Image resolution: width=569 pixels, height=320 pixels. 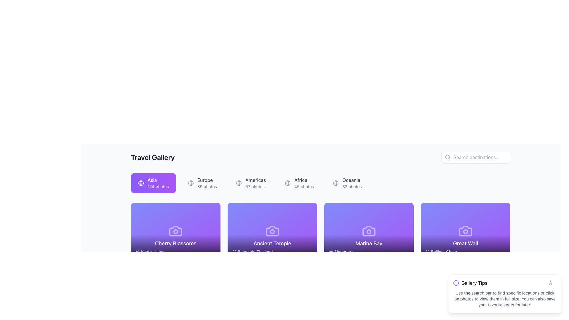 I want to click on the small gray globe icon located to the left of the text 'Europe 89 photos', so click(x=191, y=183).